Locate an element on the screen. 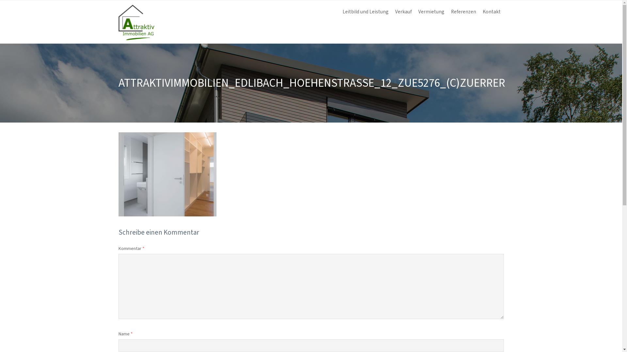 The image size is (627, 352). 'Vermietung' is located at coordinates (431, 12).